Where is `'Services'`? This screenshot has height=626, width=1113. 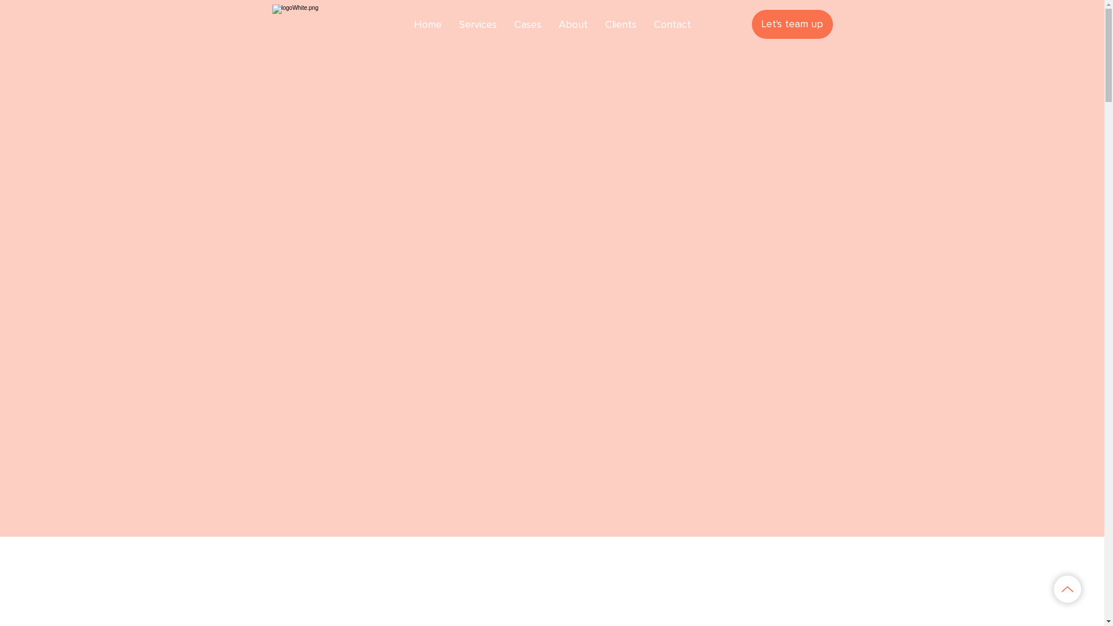
'Services' is located at coordinates (477, 24).